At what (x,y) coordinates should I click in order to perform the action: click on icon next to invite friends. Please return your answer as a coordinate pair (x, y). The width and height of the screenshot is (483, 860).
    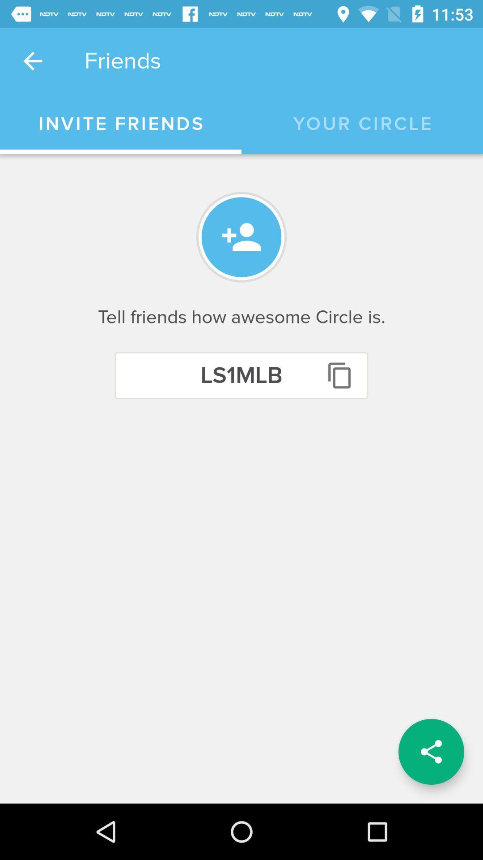
    Looking at the image, I should click on (362, 124).